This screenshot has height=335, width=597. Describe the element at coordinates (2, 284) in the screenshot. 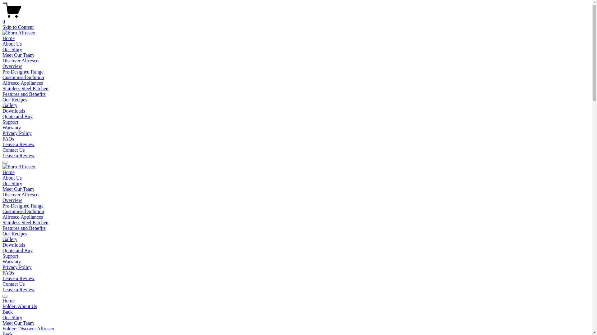

I see `'Contact Us'` at that location.